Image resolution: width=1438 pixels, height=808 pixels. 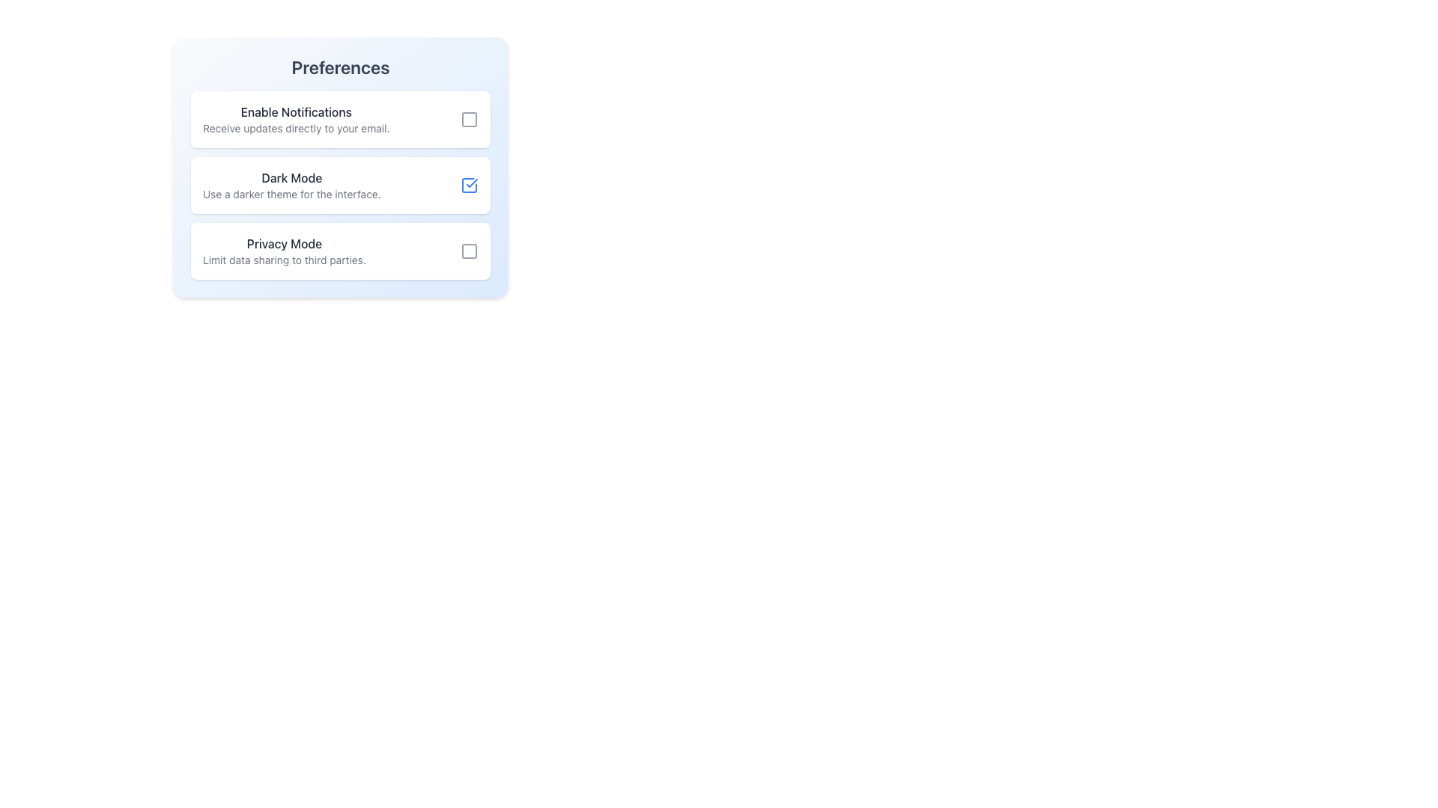 I want to click on the 'Dark Mode' checkbox, so click(x=469, y=184).